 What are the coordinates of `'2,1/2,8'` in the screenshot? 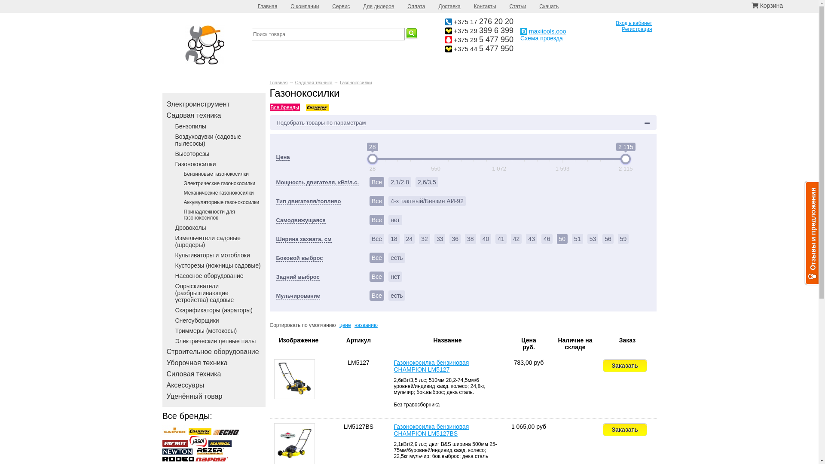 It's located at (399, 182).